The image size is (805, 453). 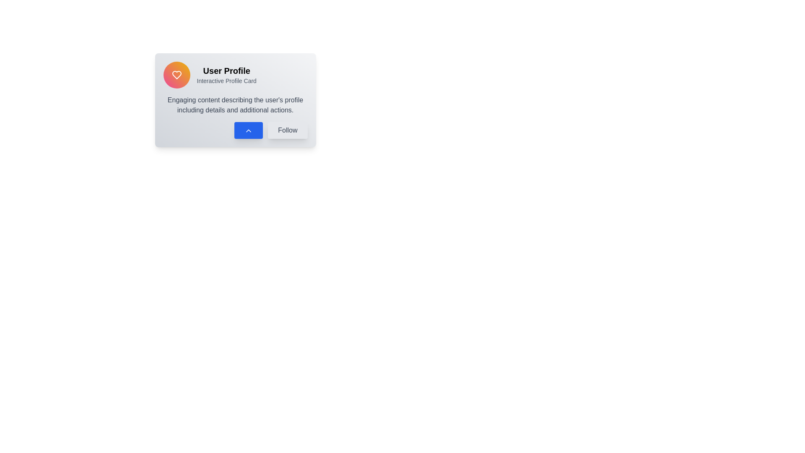 I want to click on the downward-pointing chevron icon within the blue button located at the bottom of the User Profile card, so click(x=248, y=130).